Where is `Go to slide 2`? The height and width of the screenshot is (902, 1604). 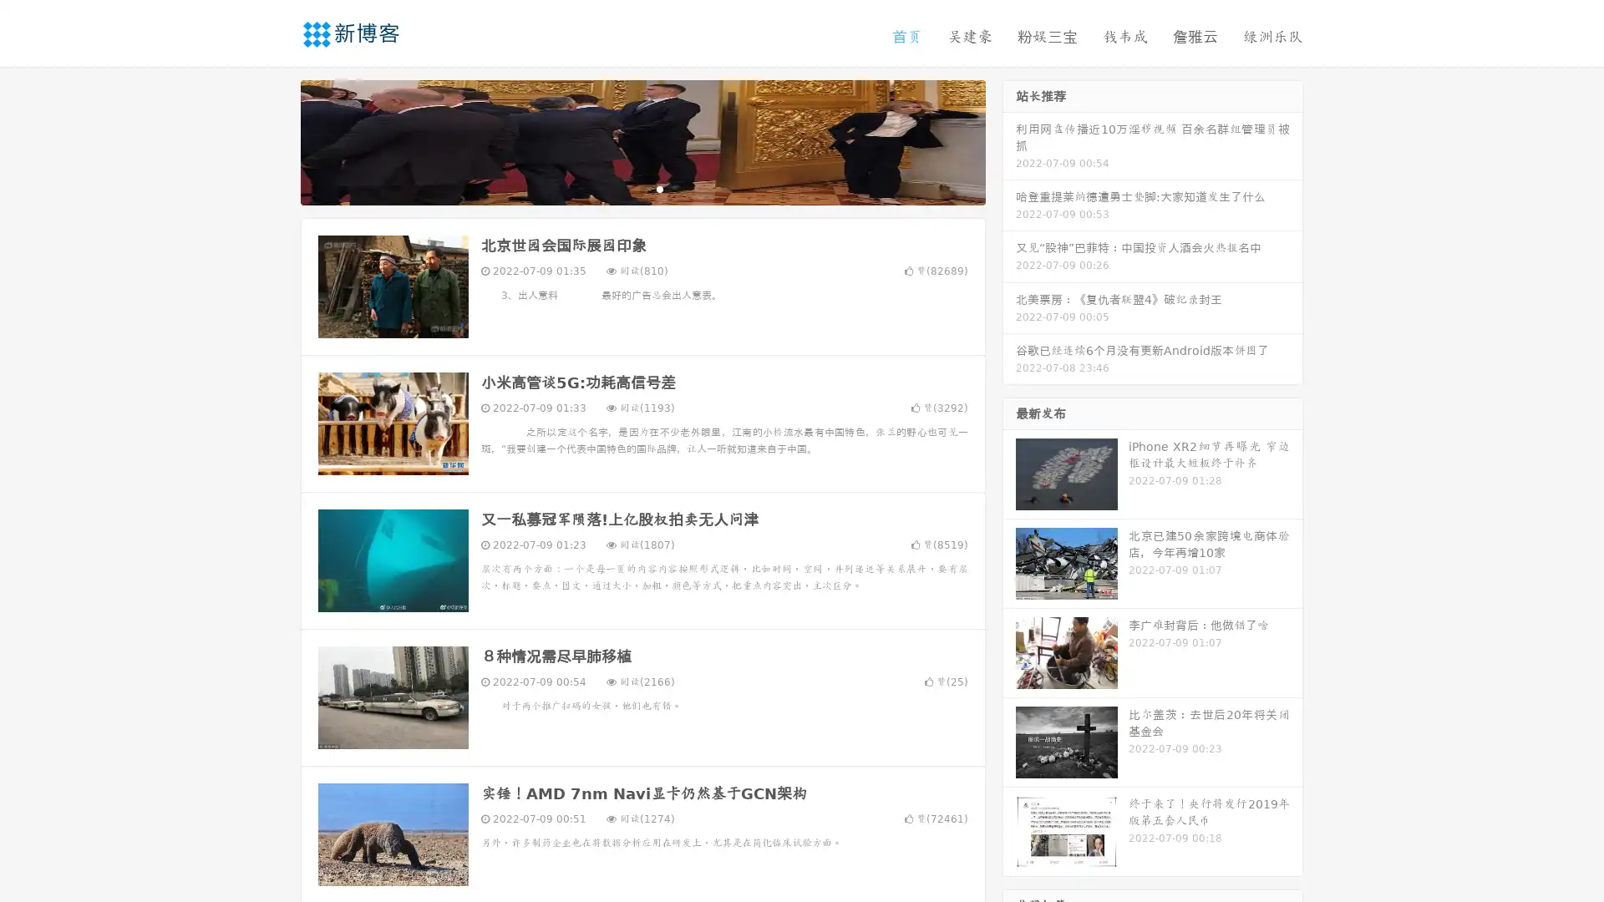
Go to slide 2 is located at coordinates (642, 188).